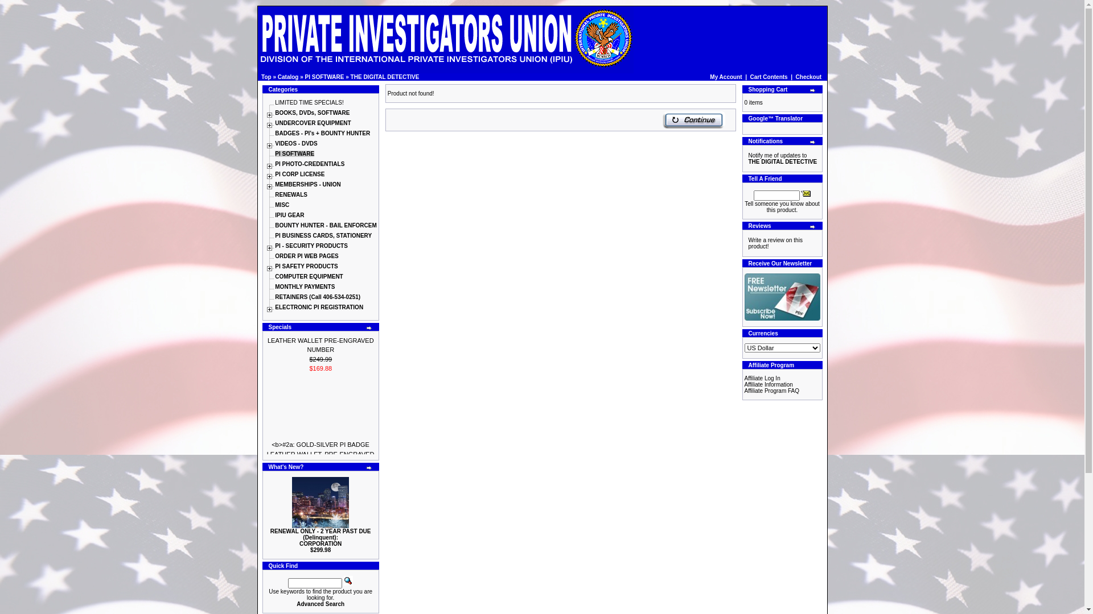 Image resolution: width=1093 pixels, height=614 pixels. I want to click on ' Notifications ', so click(746, 158).